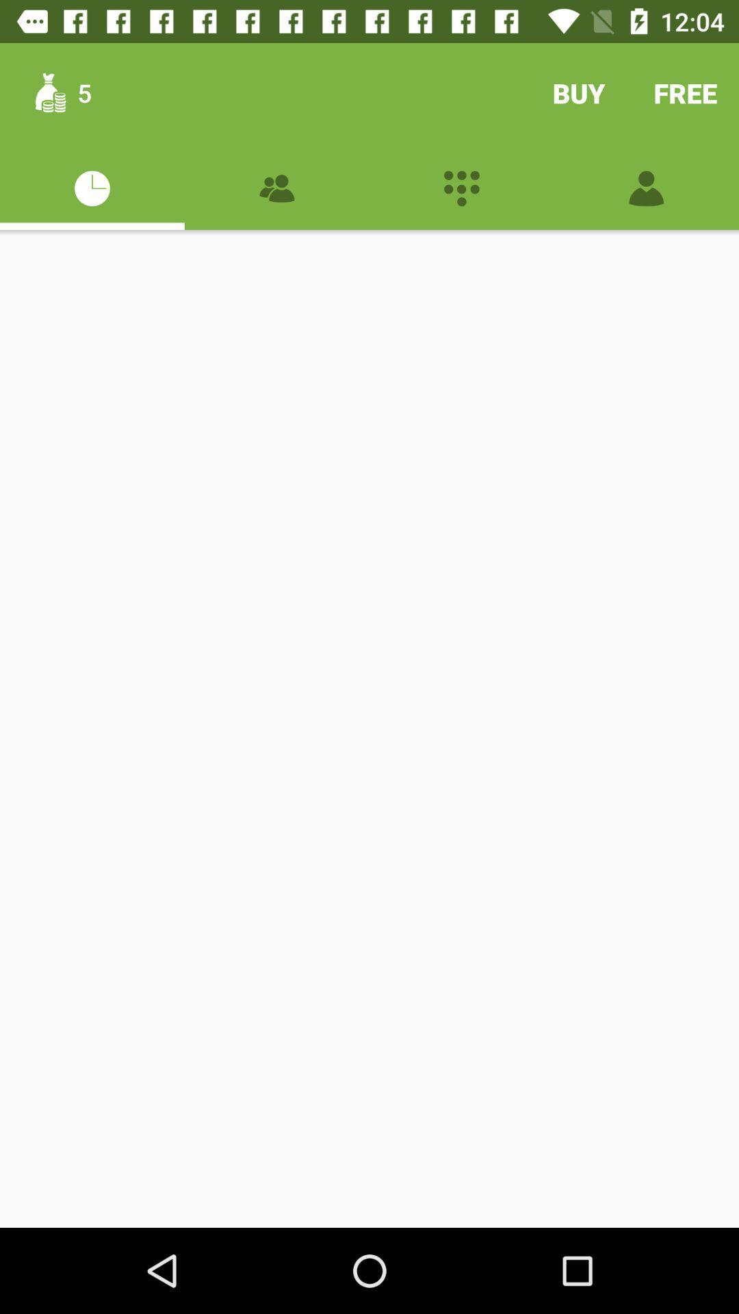  What do you see at coordinates (578, 92) in the screenshot?
I see `the buy` at bounding box center [578, 92].